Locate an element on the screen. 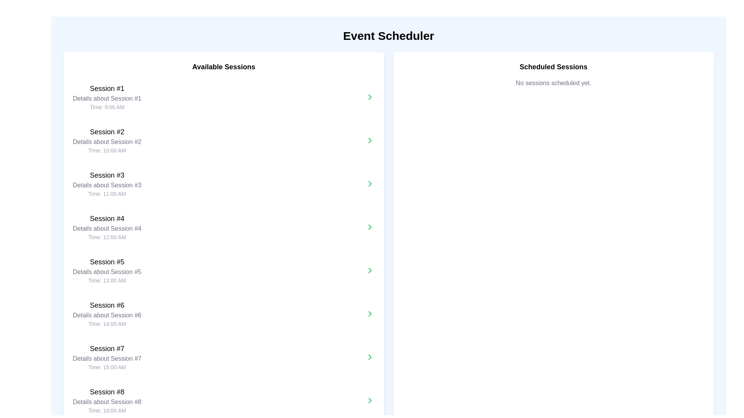 This screenshot has width=744, height=418. the text displaying 'Time: 16:00 AM', which is located at the bottom of the block for 'Session #8' is located at coordinates (107, 410).